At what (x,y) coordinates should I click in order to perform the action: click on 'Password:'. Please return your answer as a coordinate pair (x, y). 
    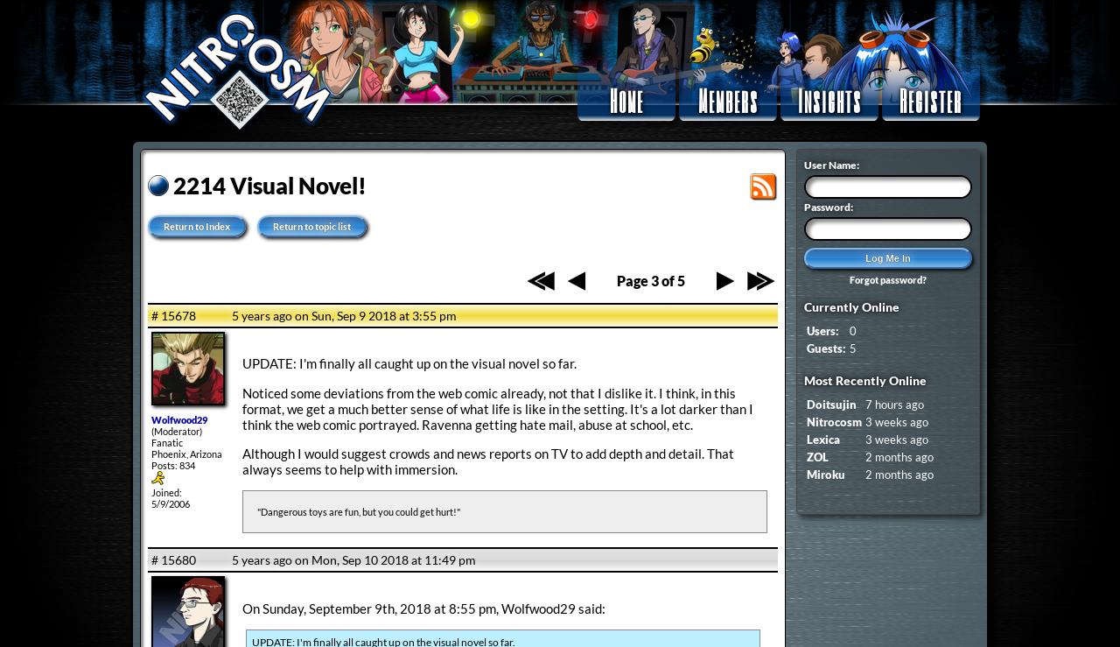
    Looking at the image, I should click on (827, 207).